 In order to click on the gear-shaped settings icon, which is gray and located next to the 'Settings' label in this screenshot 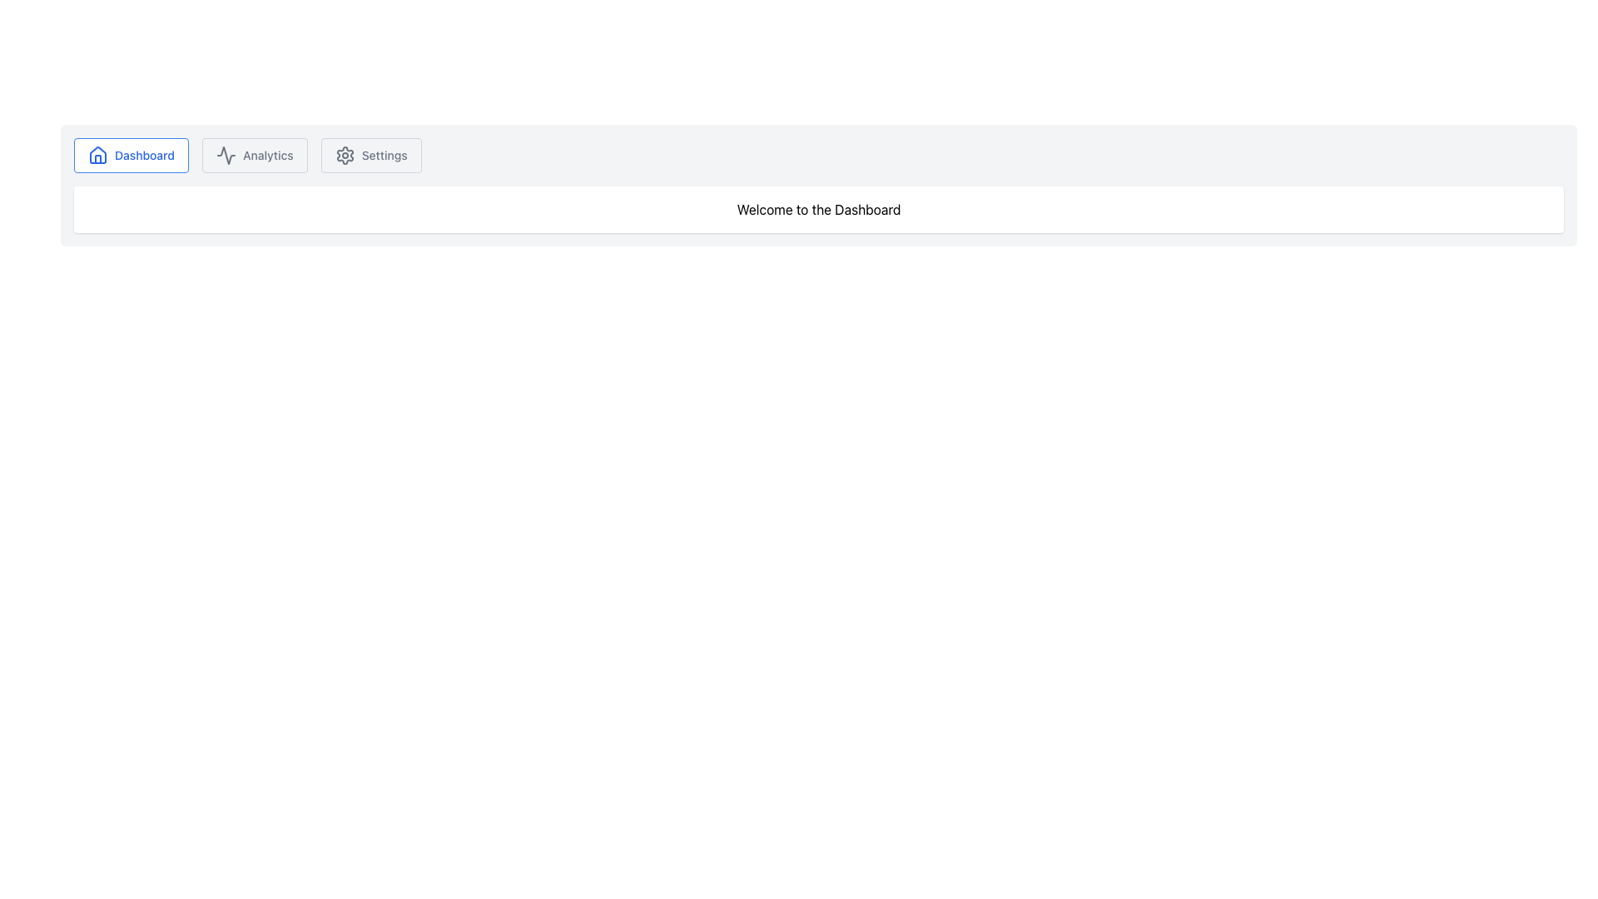, I will do `click(344, 155)`.